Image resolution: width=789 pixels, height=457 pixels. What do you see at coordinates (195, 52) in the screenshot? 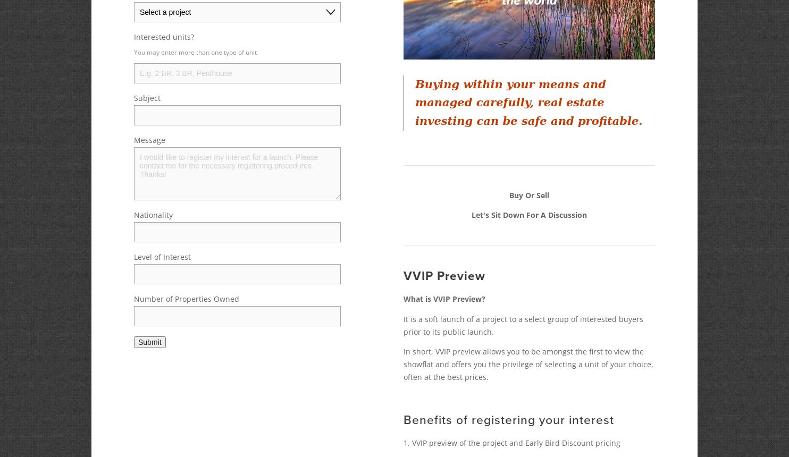
I see `'You may enter more than one type of unit'` at bounding box center [195, 52].